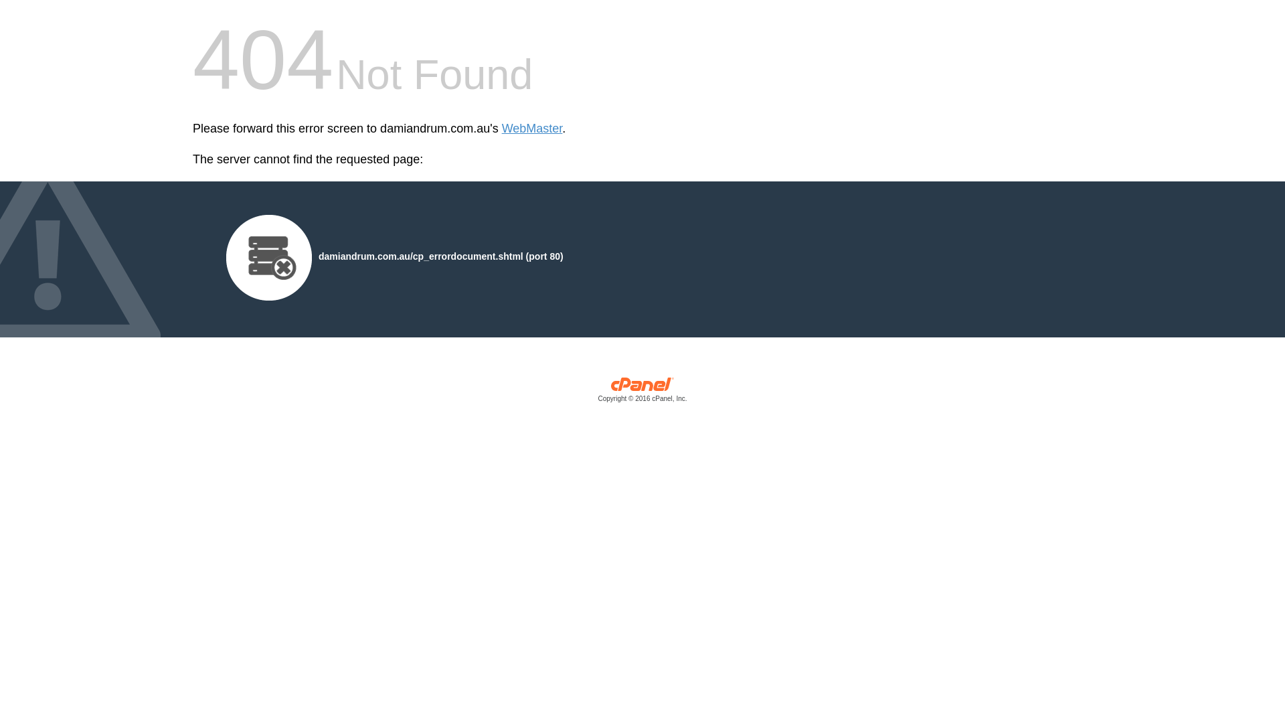 This screenshot has height=723, width=1285. What do you see at coordinates (531, 129) in the screenshot?
I see `'WebMaster'` at bounding box center [531, 129].